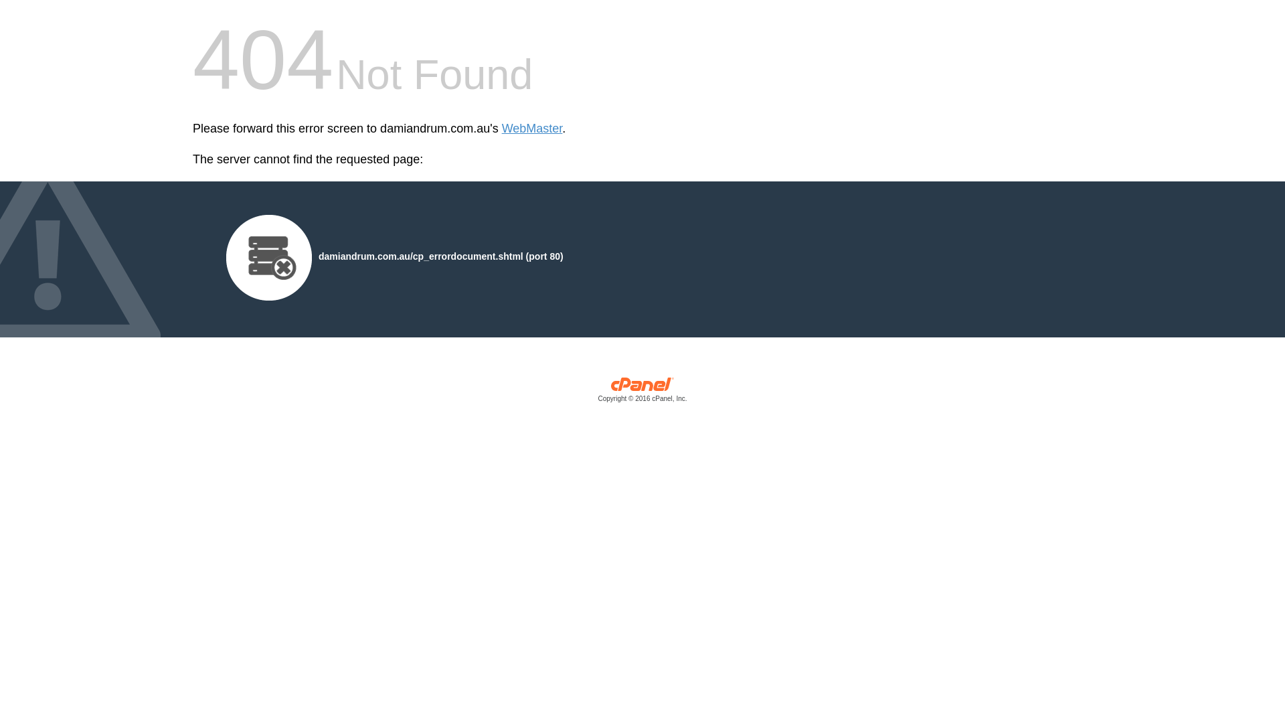 This screenshot has height=723, width=1285. What do you see at coordinates (531, 129) in the screenshot?
I see `'WebMaster'` at bounding box center [531, 129].